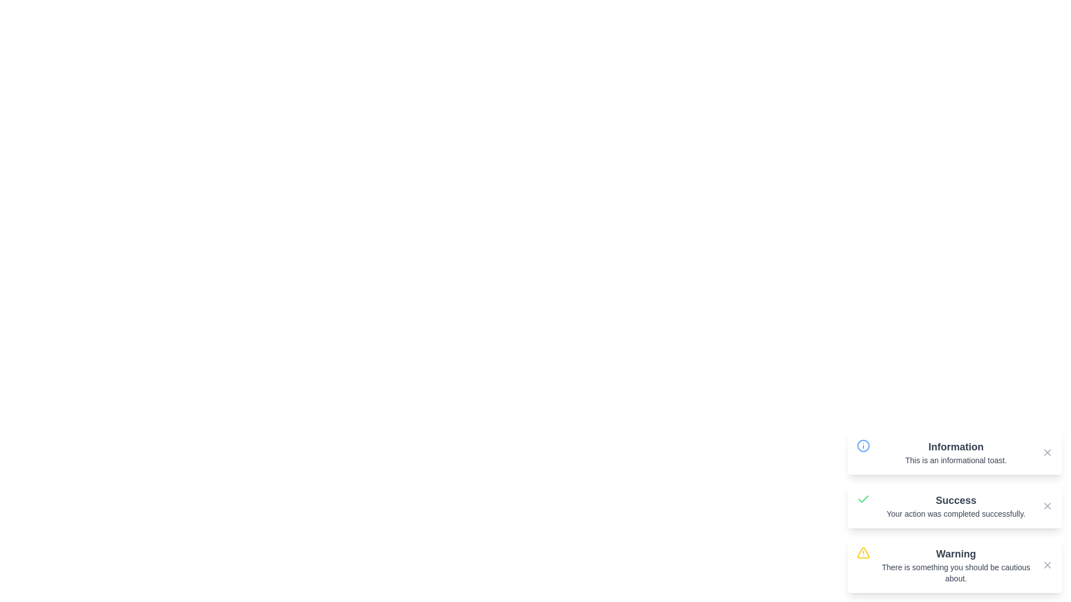  I want to click on the Toast notification box with the title 'Information', so click(954, 453).